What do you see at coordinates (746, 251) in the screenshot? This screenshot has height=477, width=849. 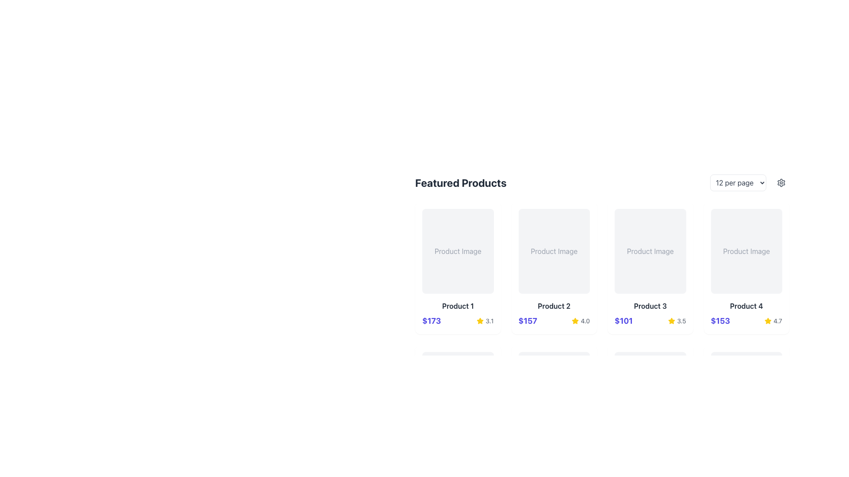 I see `the static text label 'Product Image' located inside the fourth card in the top-right area of the interface, which represents the absence of an actual product image` at bounding box center [746, 251].